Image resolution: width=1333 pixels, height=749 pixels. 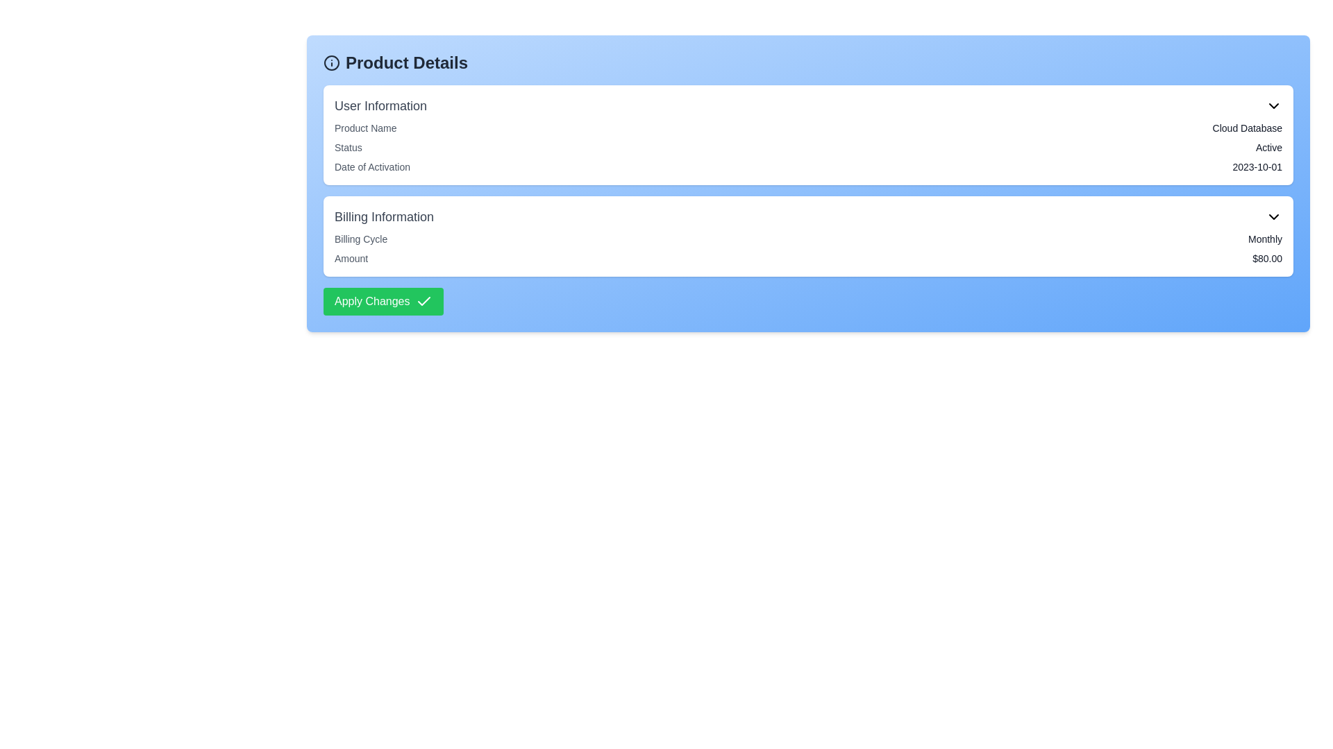 I want to click on the text label element that reads 'Status' in the 'User Information' section of the dialog, so click(x=348, y=147).